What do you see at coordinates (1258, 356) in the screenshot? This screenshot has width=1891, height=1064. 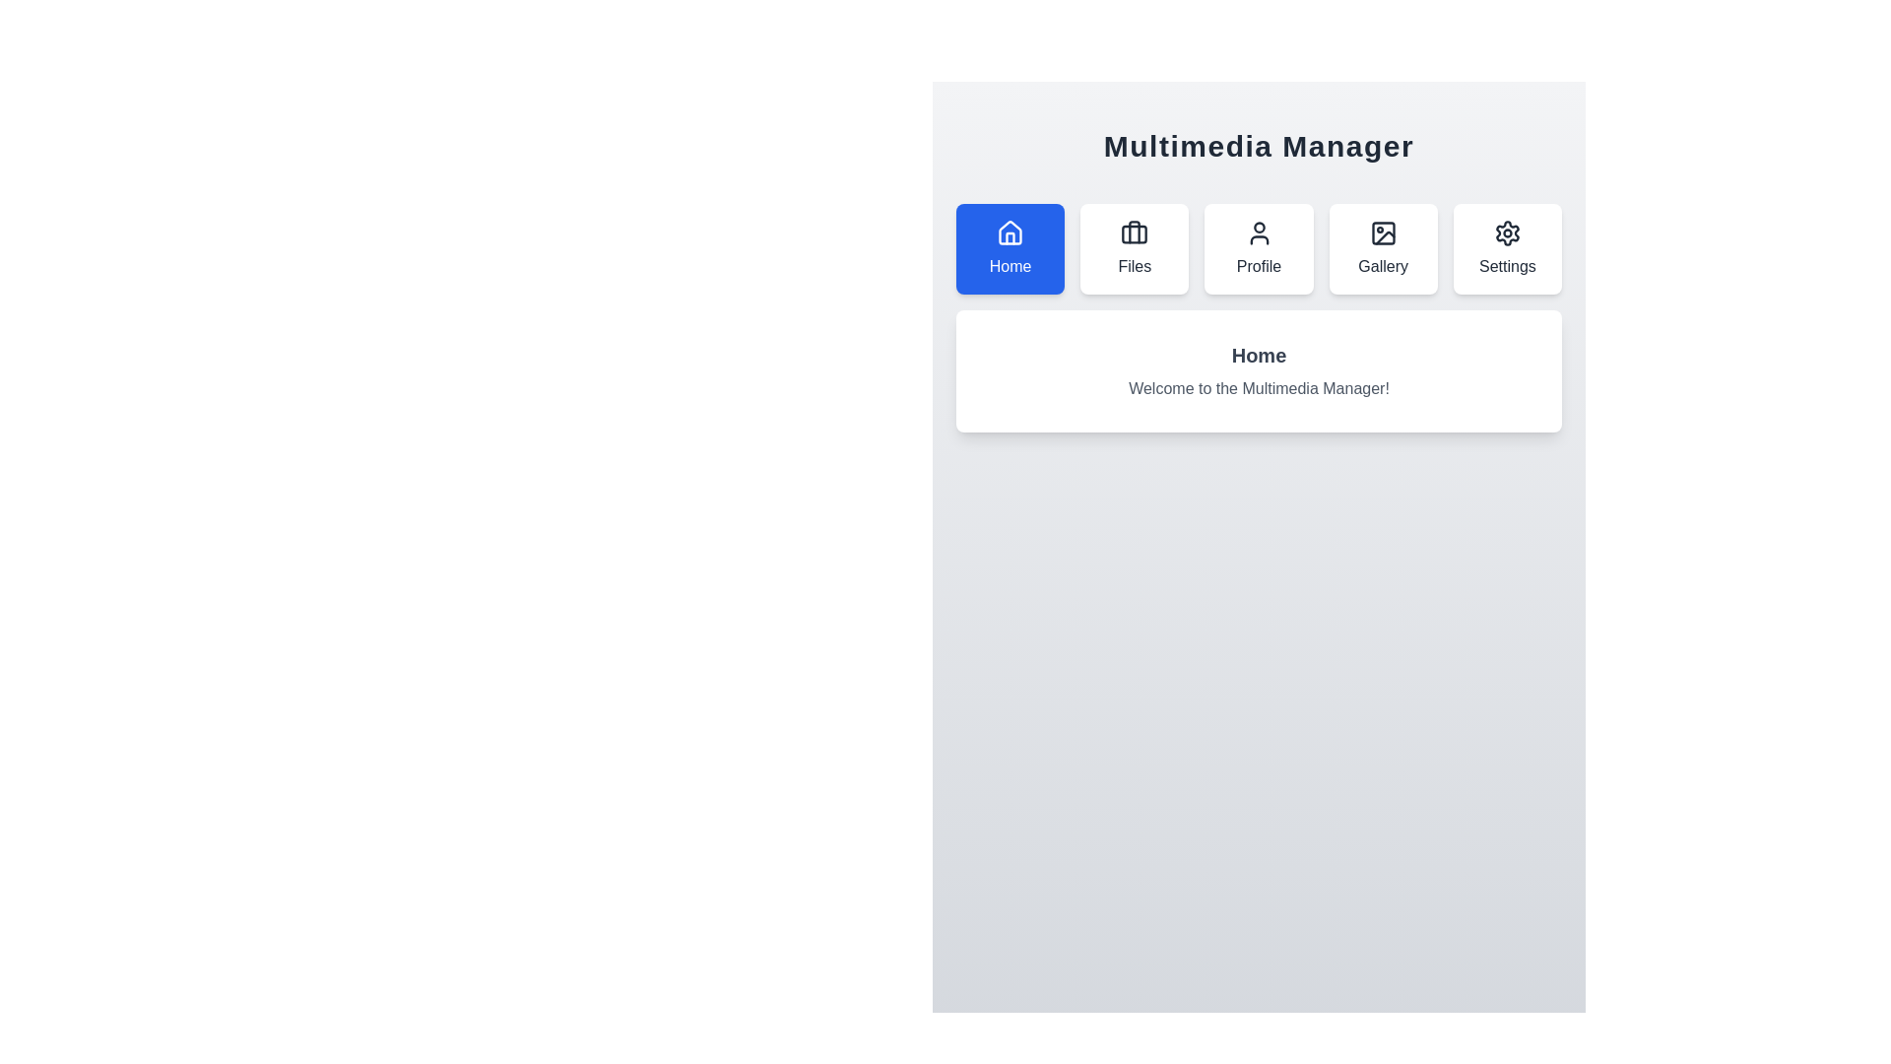 I see `the 'Home' text label, which is styled in bold, large font and centered above the 'Welcome to the Multimedia Manager!' text in a dark gray shade` at bounding box center [1258, 356].